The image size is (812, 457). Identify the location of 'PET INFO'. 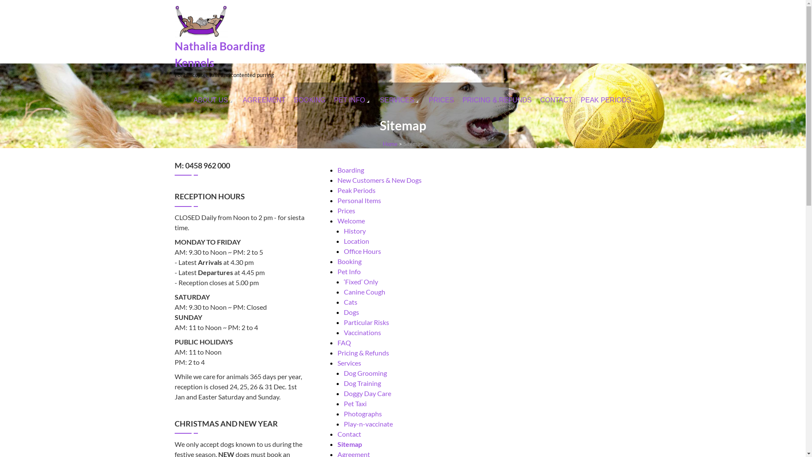
(353, 99).